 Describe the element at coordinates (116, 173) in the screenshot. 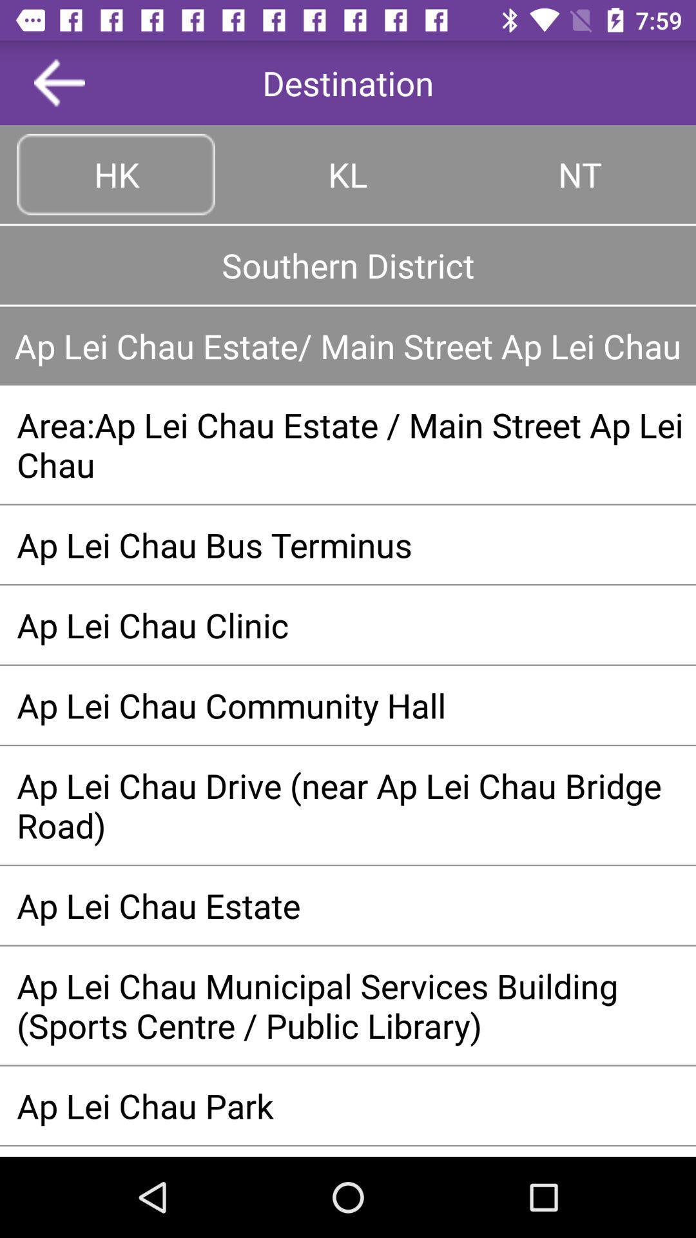

I see `hk button` at that location.